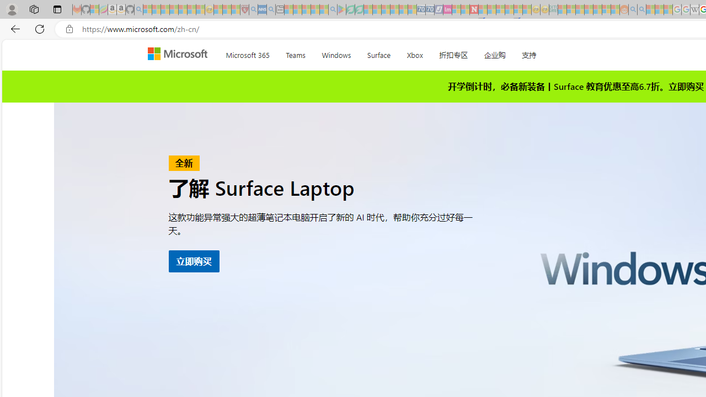 The height and width of the screenshot is (397, 706). Describe the element at coordinates (271, 9) in the screenshot. I see `'utah sues federal government - Search - Sleeping'` at that location.